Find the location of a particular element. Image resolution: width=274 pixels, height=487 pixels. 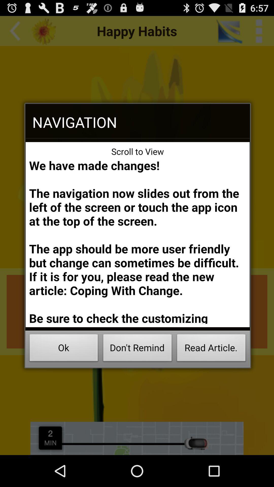

the ok icon is located at coordinates (63, 349).